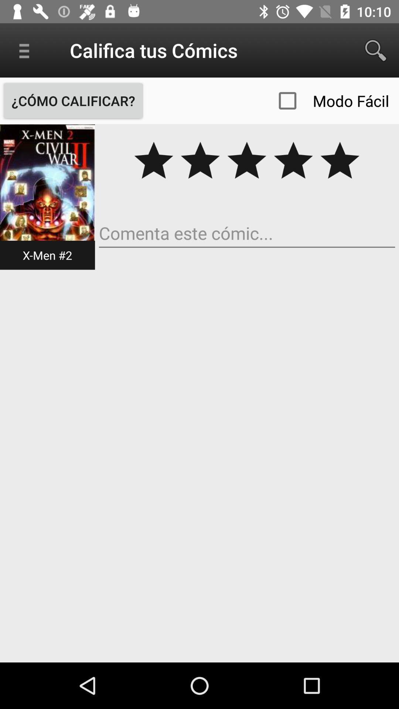 The height and width of the screenshot is (709, 399). I want to click on screenshot of xmen civilwar2, so click(47, 196).